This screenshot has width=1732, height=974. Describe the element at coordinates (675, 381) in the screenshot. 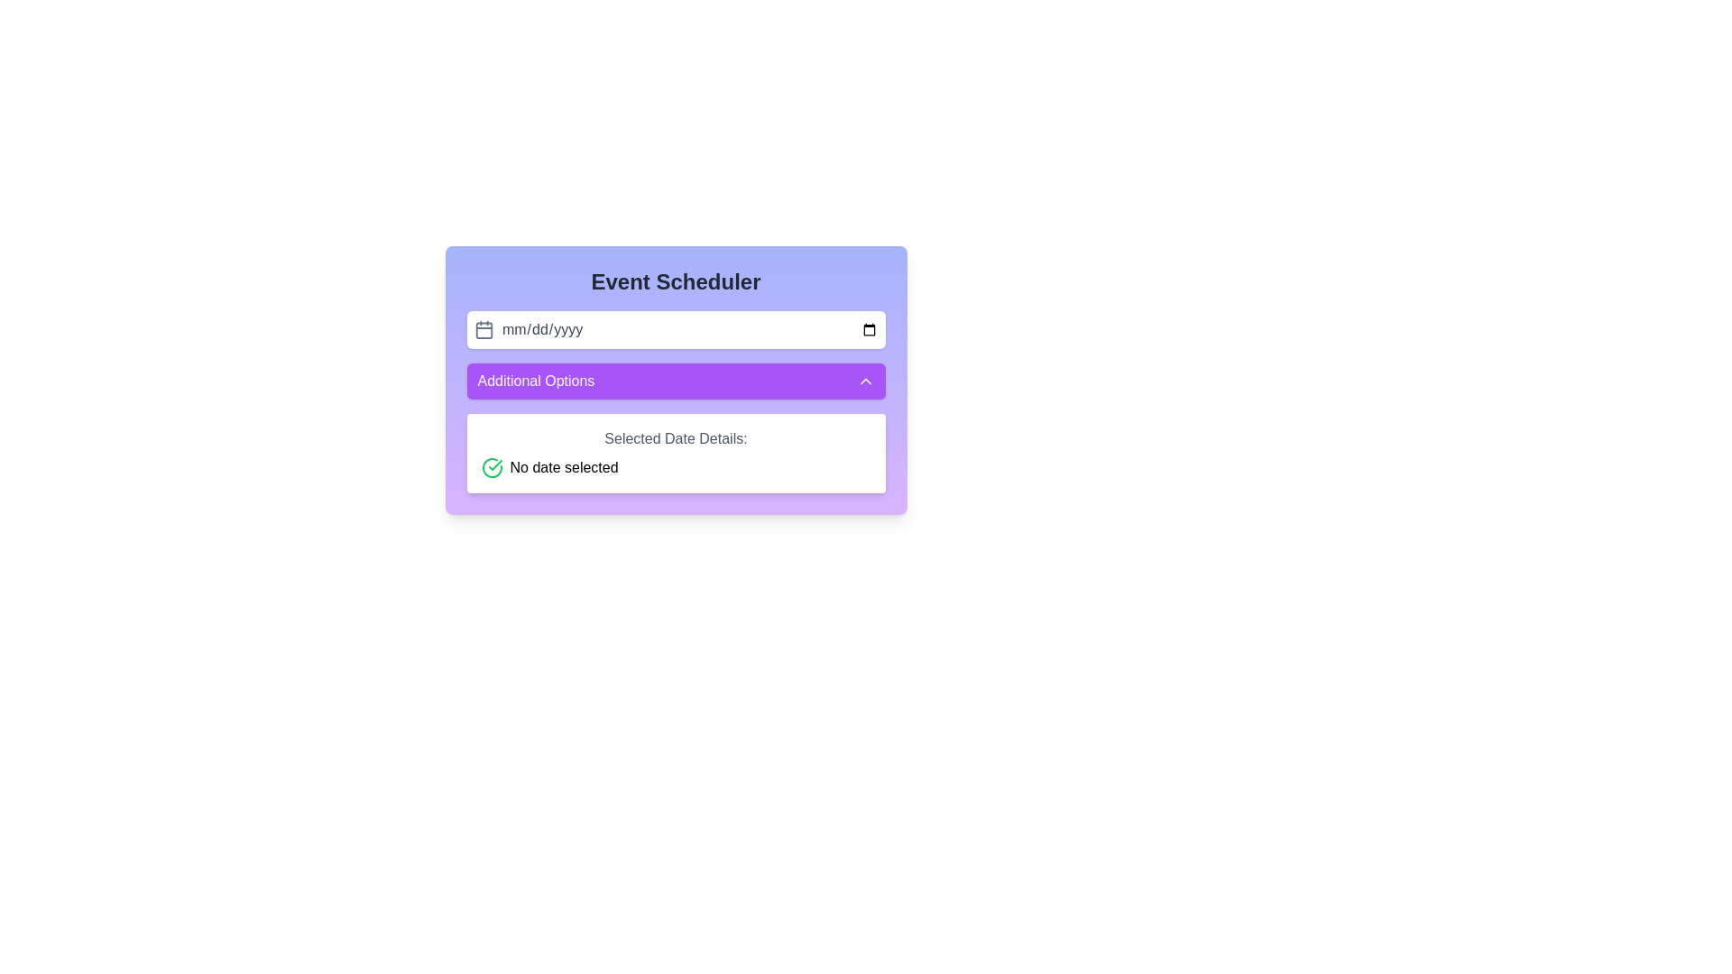

I see `the toggle button located below the date selection input field` at that location.